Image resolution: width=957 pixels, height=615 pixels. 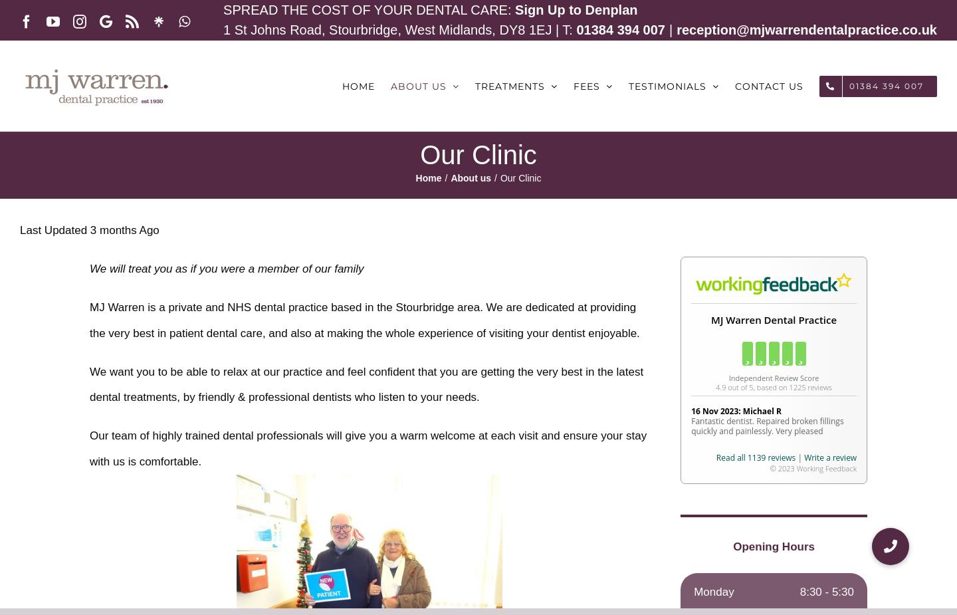 I want to click on 'reception@mjwarrendentalpractice.co.uk', so click(x=675, y=29).